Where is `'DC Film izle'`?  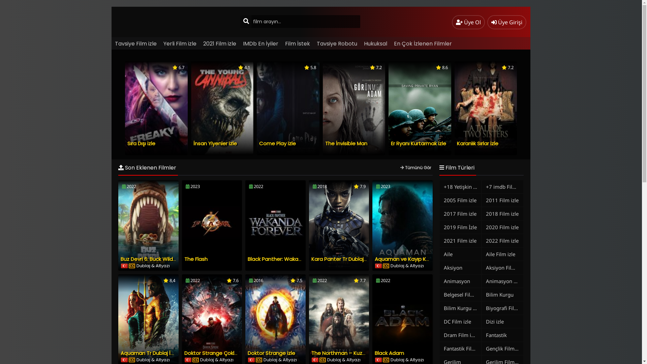
'DC Film izle' is located at coordinates (440, 321).